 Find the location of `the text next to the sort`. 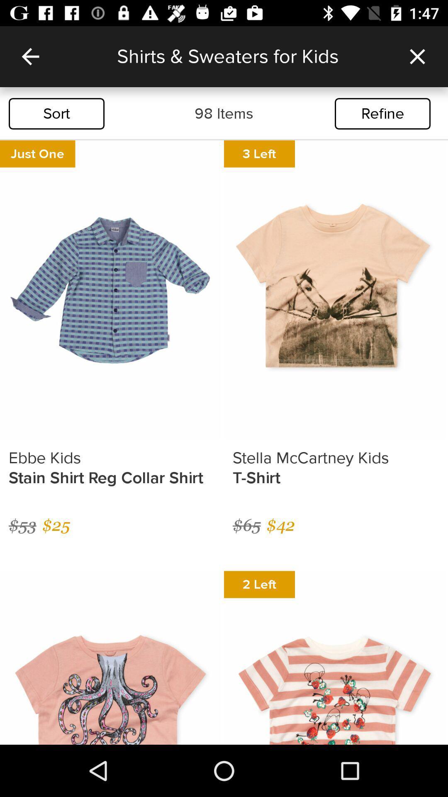

the text next to the sort is located at coordinates (224, 113).